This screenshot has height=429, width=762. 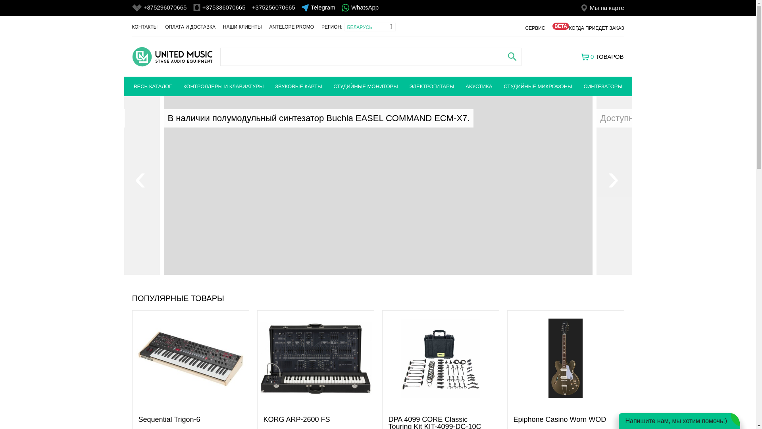 What do you see at coordinates (364, 8) in the screenshot?
I see `'WhatsApp'` at bounding box center [364, 8].